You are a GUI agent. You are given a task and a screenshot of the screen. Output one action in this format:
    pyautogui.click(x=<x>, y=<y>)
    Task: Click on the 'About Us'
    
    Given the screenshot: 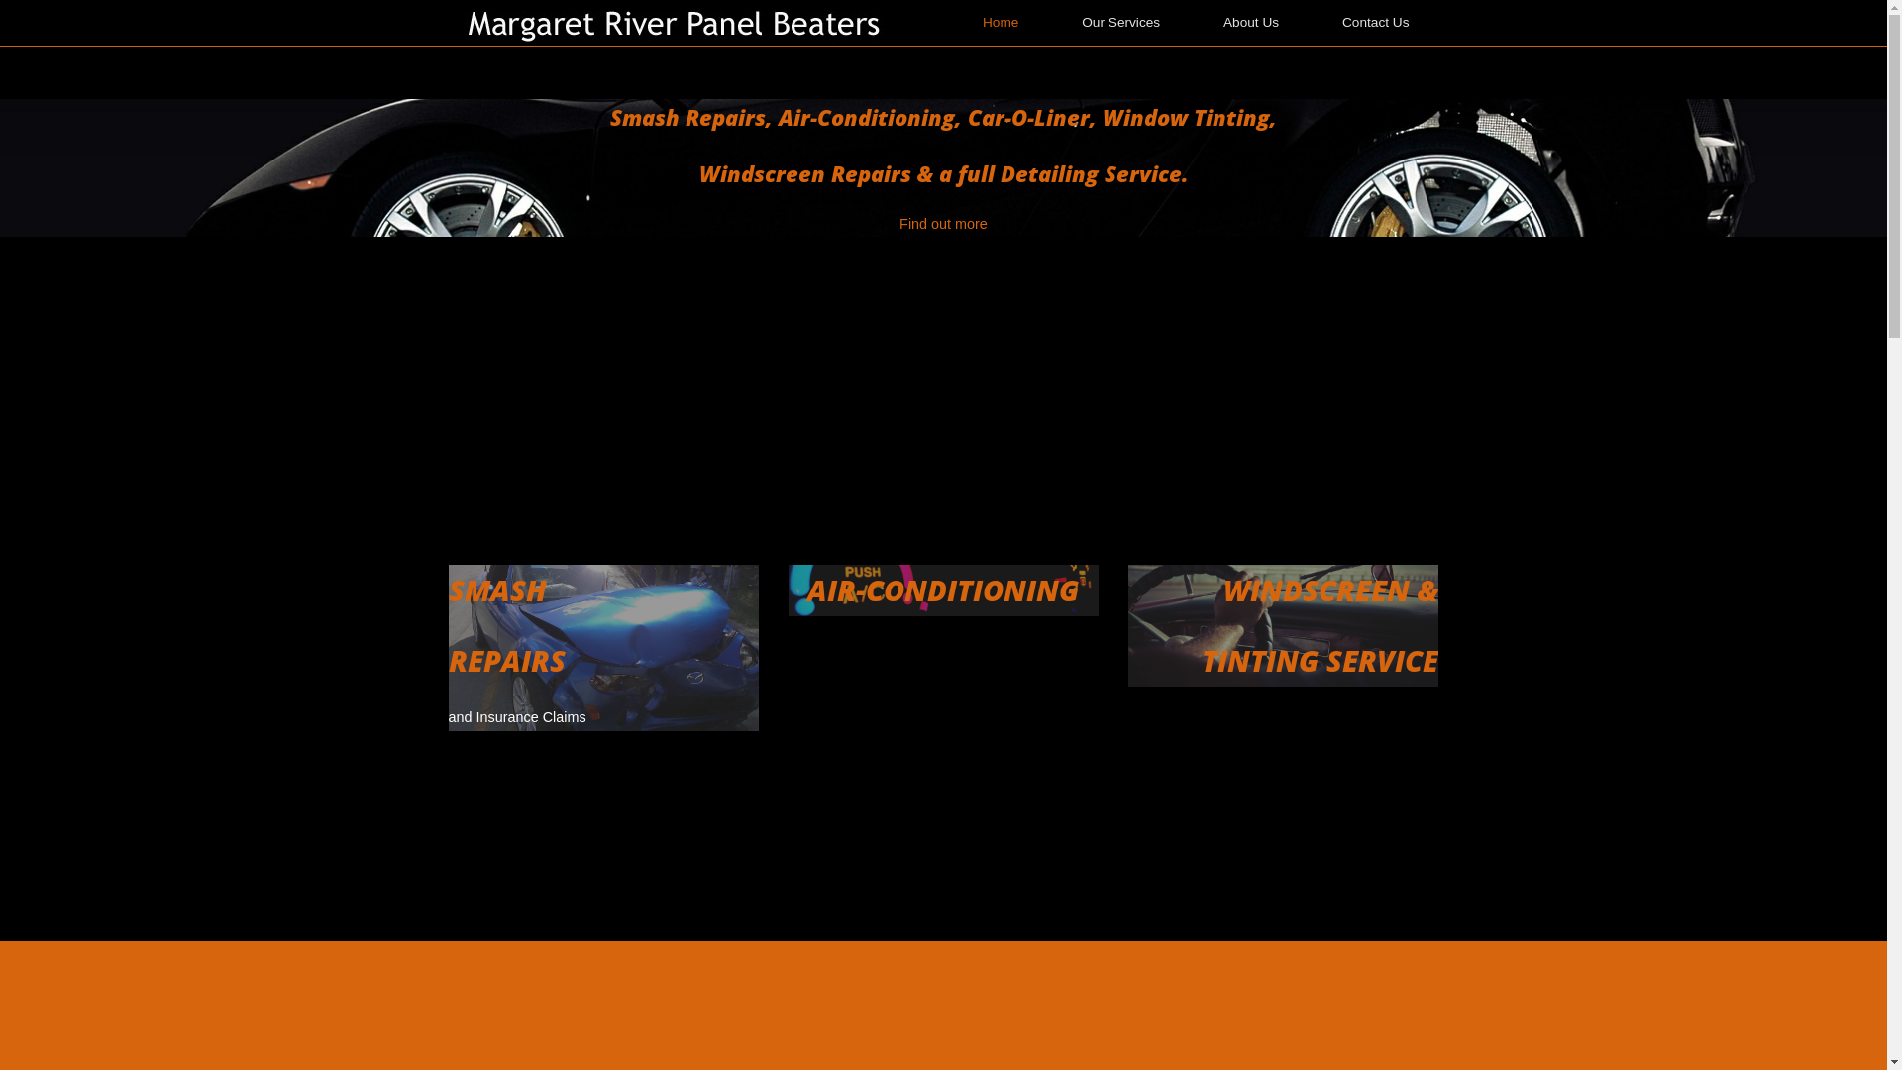 What is the action you would take?
    pyautogui.click(x=1249, y=23)
    